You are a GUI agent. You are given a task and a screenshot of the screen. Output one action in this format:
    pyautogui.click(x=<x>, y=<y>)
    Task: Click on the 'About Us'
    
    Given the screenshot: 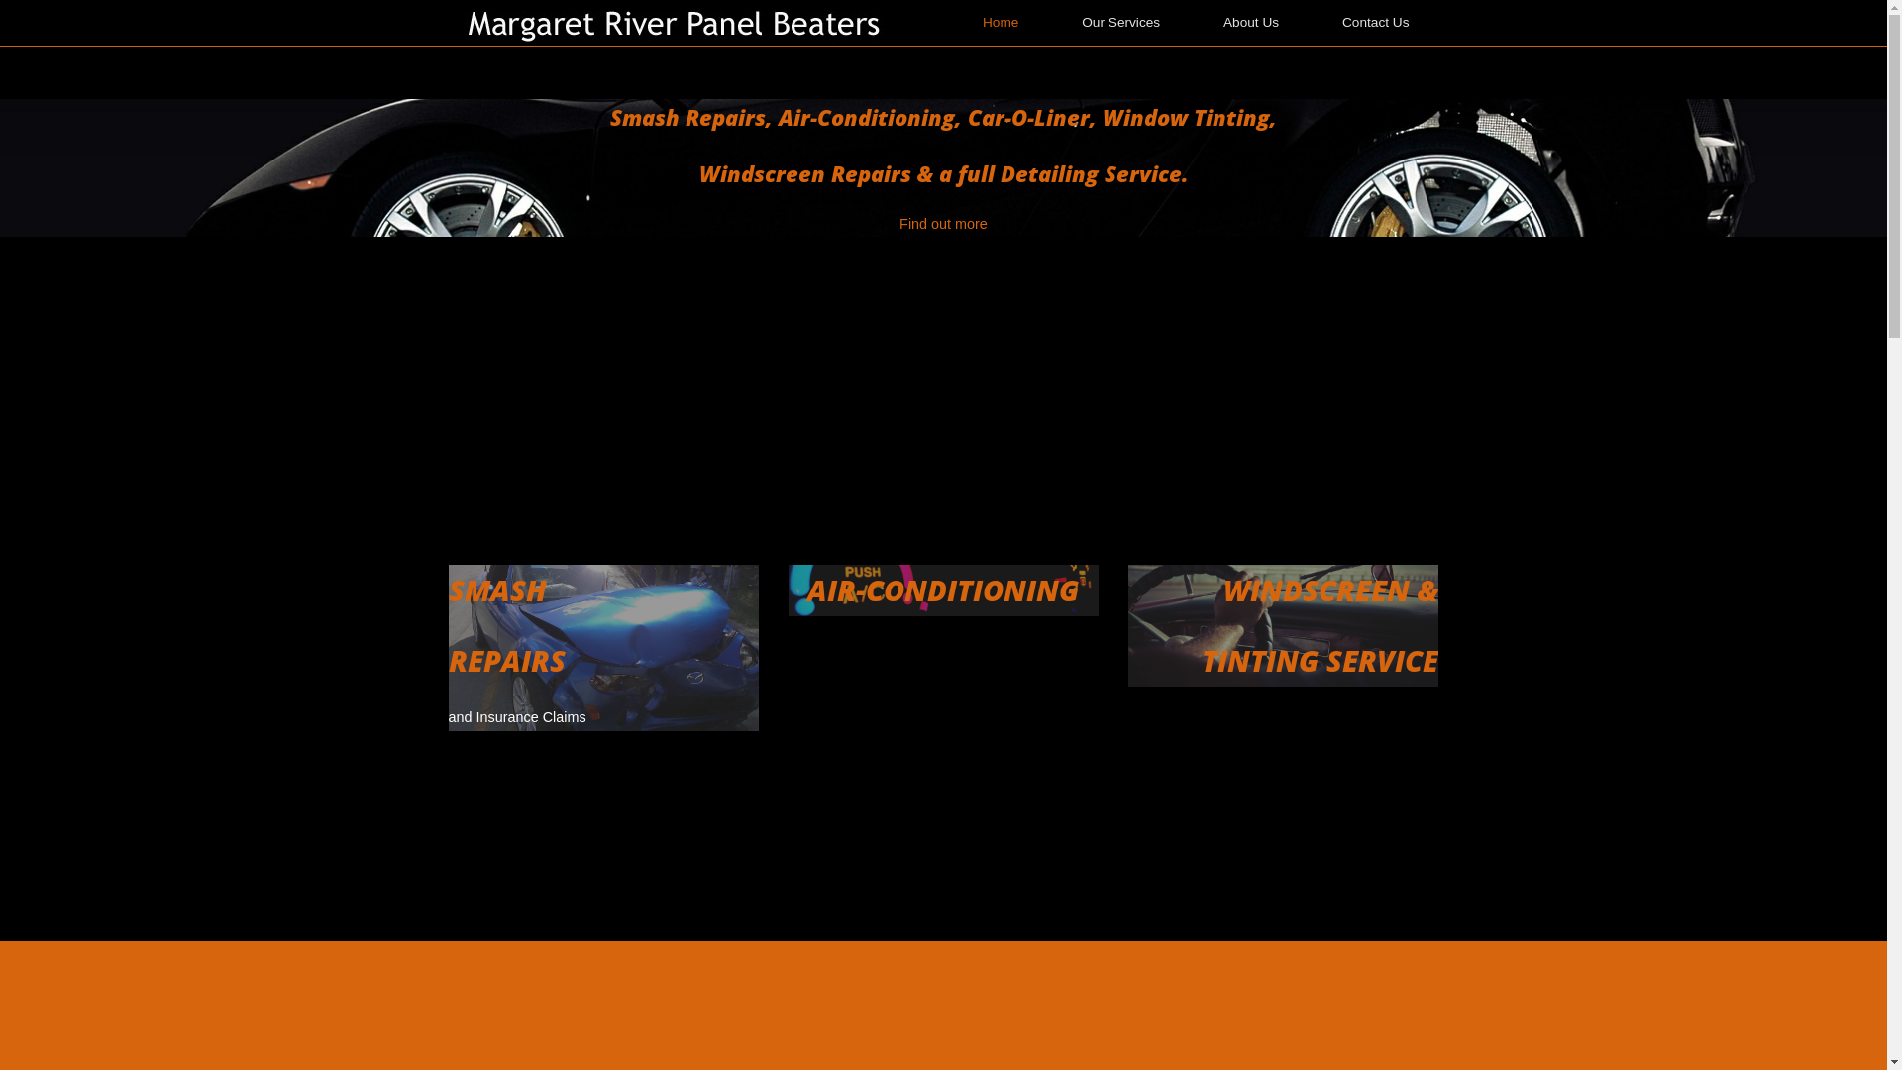 What is the action you would take?
    pyautogui.click(x=1249, y=23)
    